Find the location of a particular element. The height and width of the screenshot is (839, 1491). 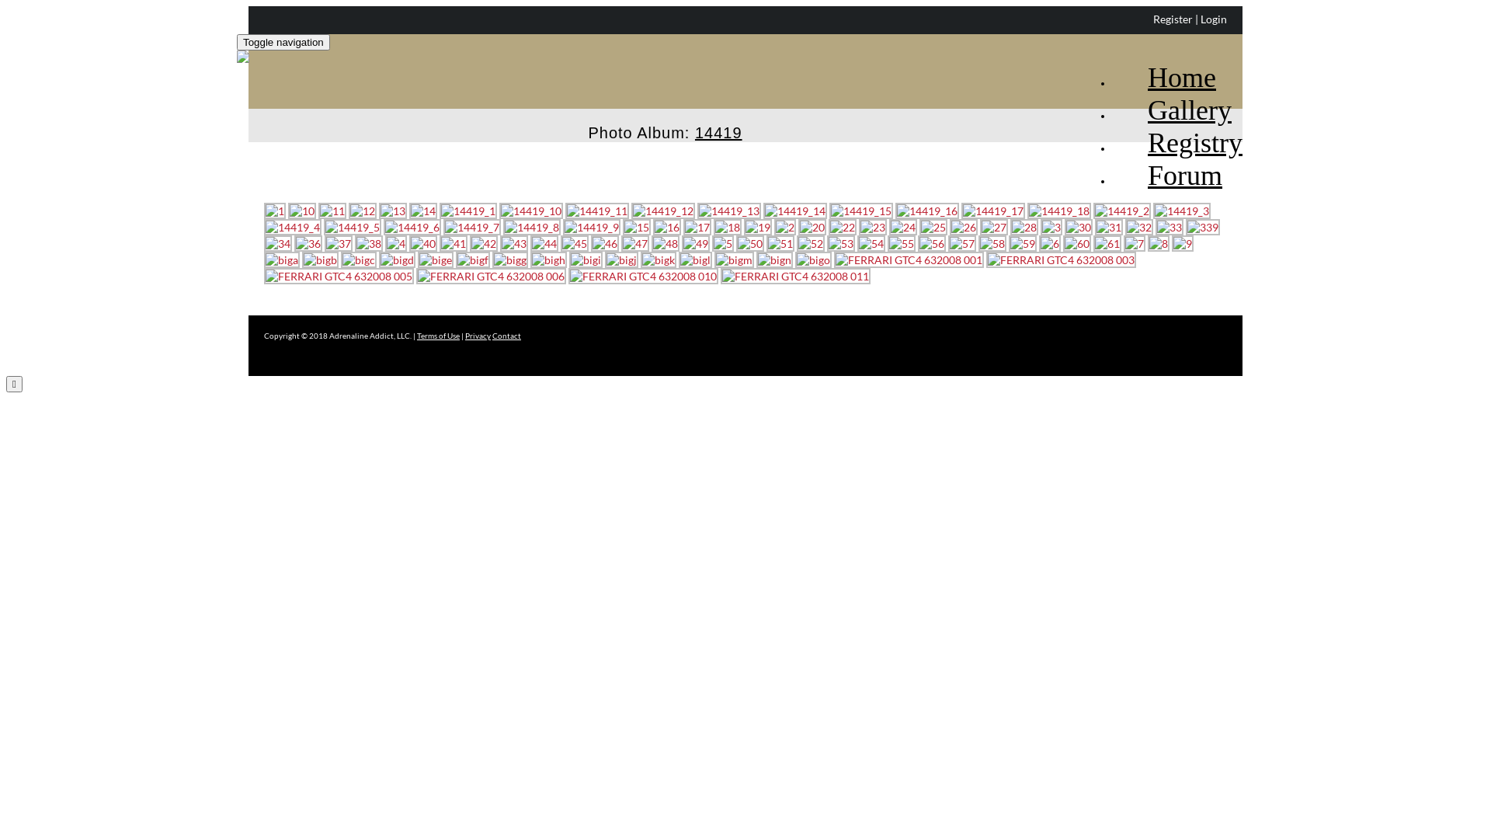

'14419_2 (click to enlarge)' is located at coordinates (1092, 211).